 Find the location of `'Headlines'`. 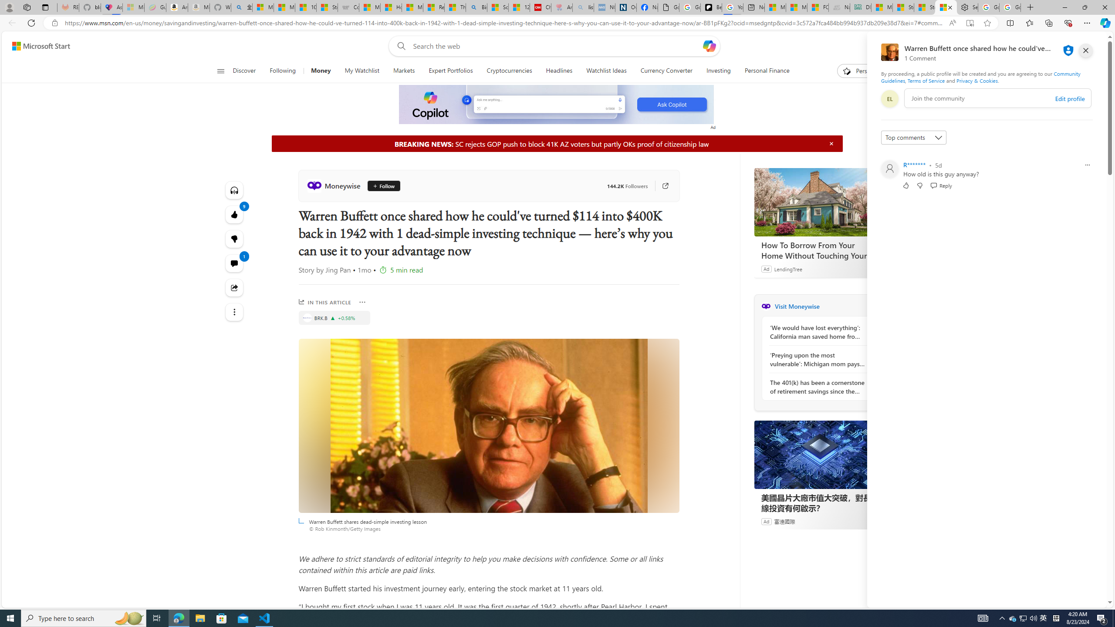

'Headlines' is located at coordinates (559, 71).